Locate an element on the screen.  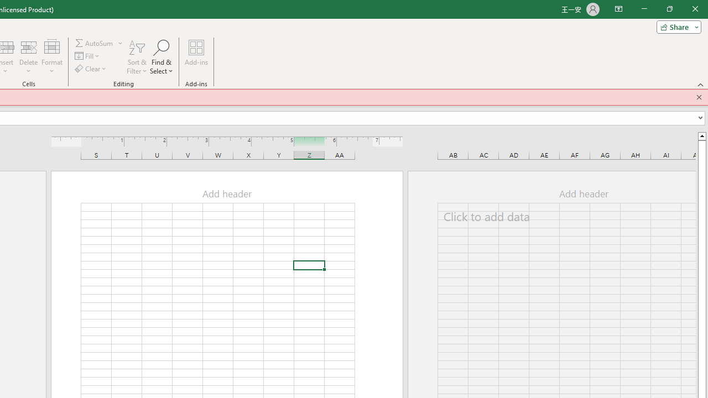
'Format' is located at coordinates (51, 57).